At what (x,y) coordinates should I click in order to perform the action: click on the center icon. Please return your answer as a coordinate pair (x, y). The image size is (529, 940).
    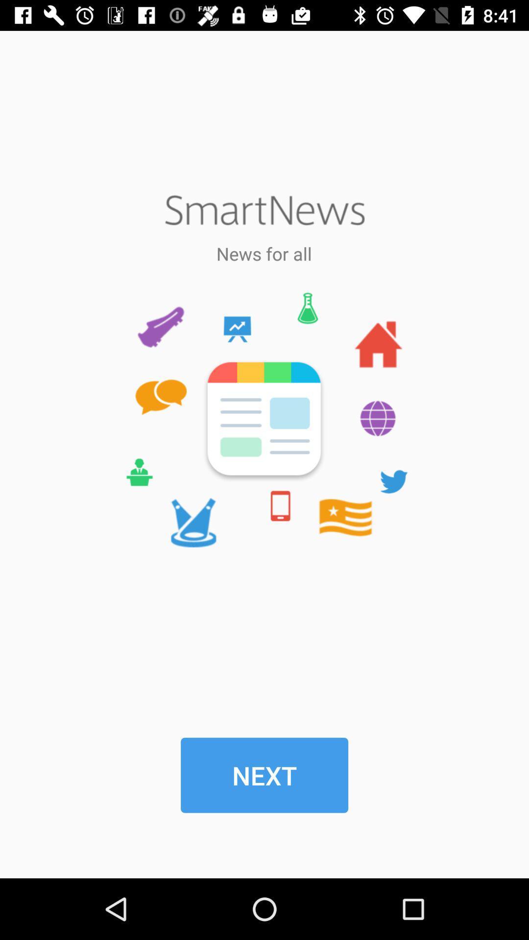
    Looking at the image, I should click on (264, 420).